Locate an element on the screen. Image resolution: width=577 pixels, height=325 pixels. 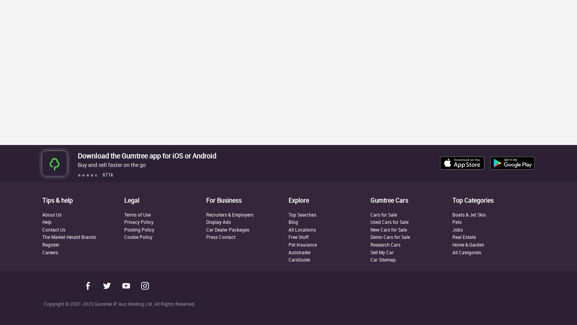
'Real Estate' is located at coordinates (464, 237).